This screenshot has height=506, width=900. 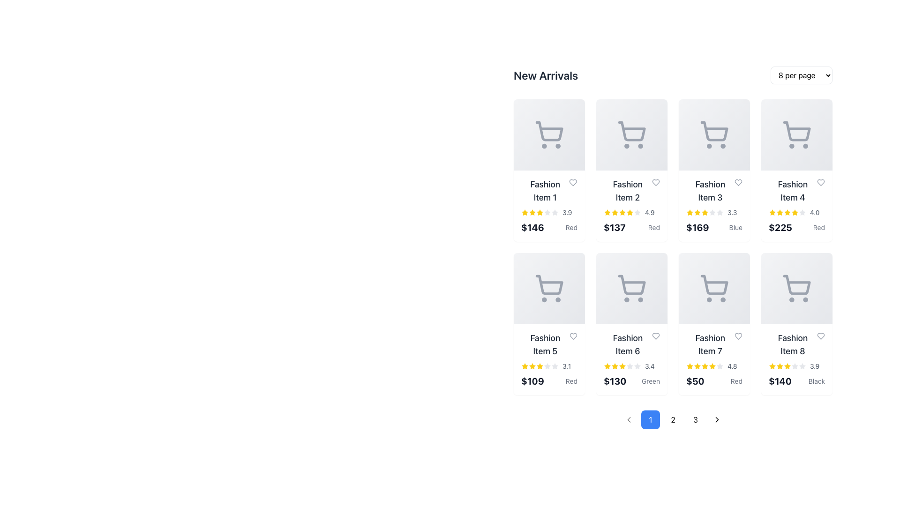 I want to click on the areas surrounding the 'Fashion Item 6' text label, located in the second row, third column of the grid layout in the 'New Arrivals' section, so click(x=632, y=345).